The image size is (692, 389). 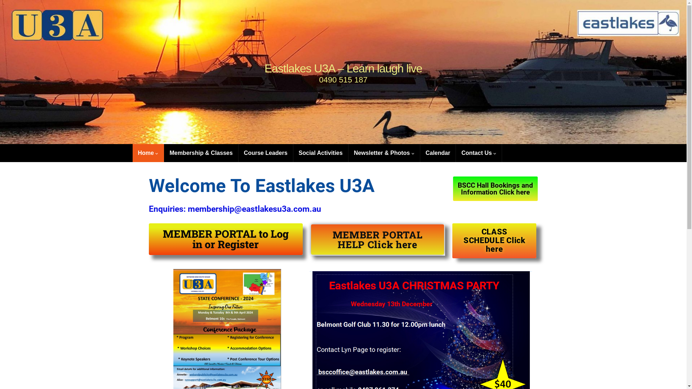 What do you see at coordinates (225, 239) in the screenshot?
I see `'MEMBER PORTAL to Log in or Register'` at bounding box center [225, 239].